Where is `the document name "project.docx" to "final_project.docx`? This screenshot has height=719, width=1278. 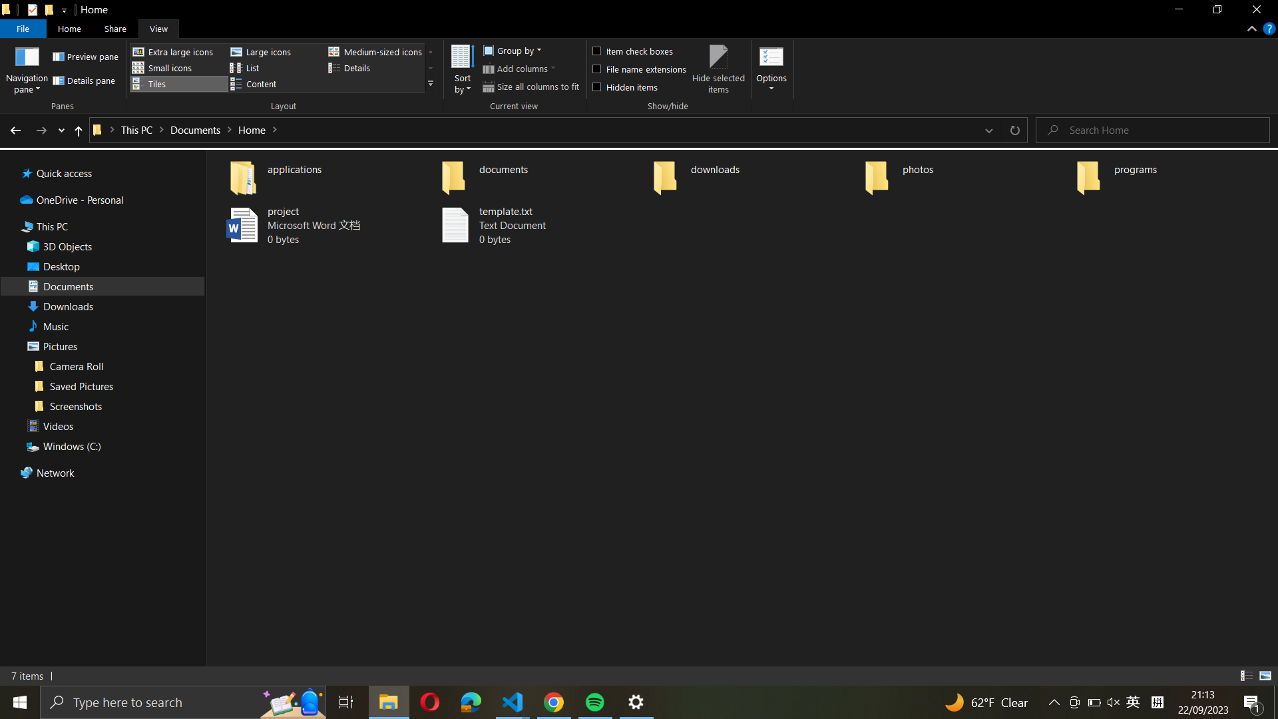
the document name "project.docx" to "final_project.docx is located at coordinates (317, 225).